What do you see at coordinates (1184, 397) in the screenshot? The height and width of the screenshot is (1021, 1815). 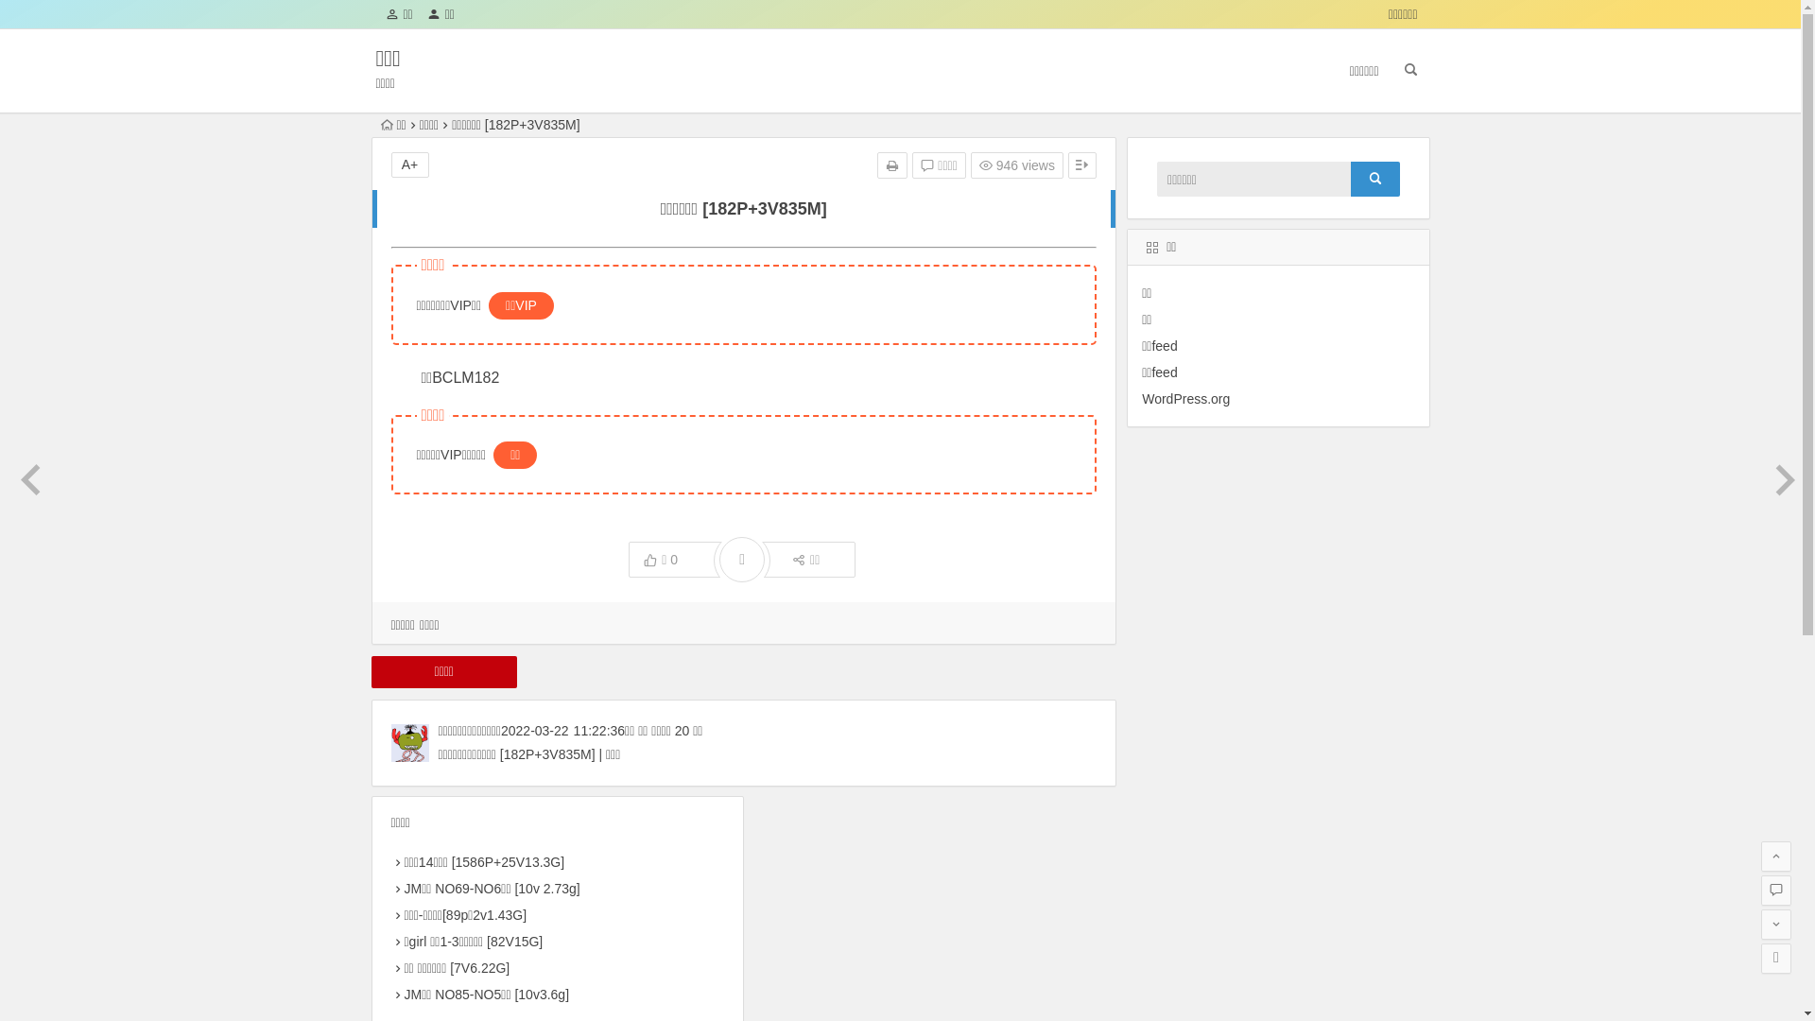 I see `'WordPress.org'` at bounding box center [1184, 397].